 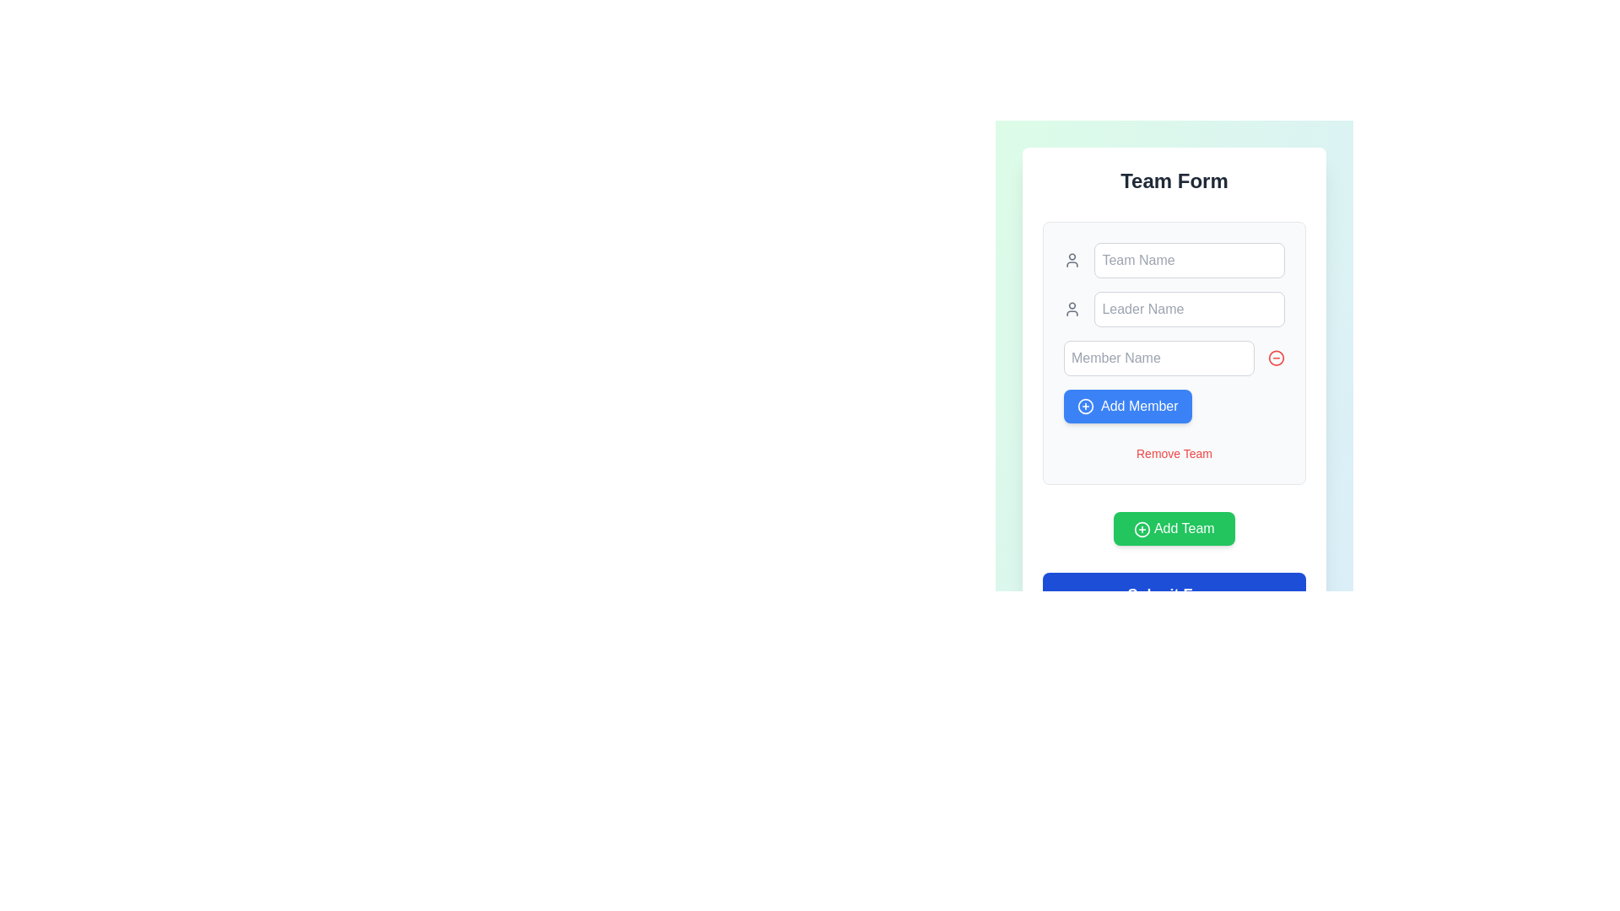 I want to click on the button located at the bottom of the 'Team Form' interface, positioned below the 'Remove Team' link and above the 'Submit Form' button to initiate adding a new team, so click(x=1174, y=528).